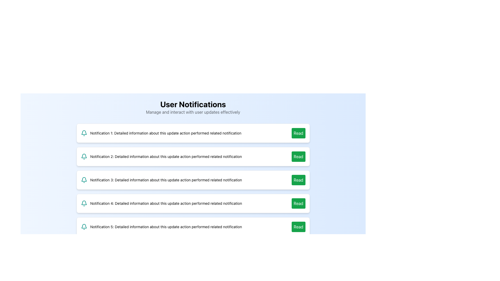 This screenshot has width=500, height=281. What do you see at coordinates (84, 133) in the screenshot?
I see `the teal bell icon with a circular notification indicator, which is the first element in the notification row adjacent to 'Notification 1: Detailed information about this update action performed related notification'` at bounding box center [84, 133].